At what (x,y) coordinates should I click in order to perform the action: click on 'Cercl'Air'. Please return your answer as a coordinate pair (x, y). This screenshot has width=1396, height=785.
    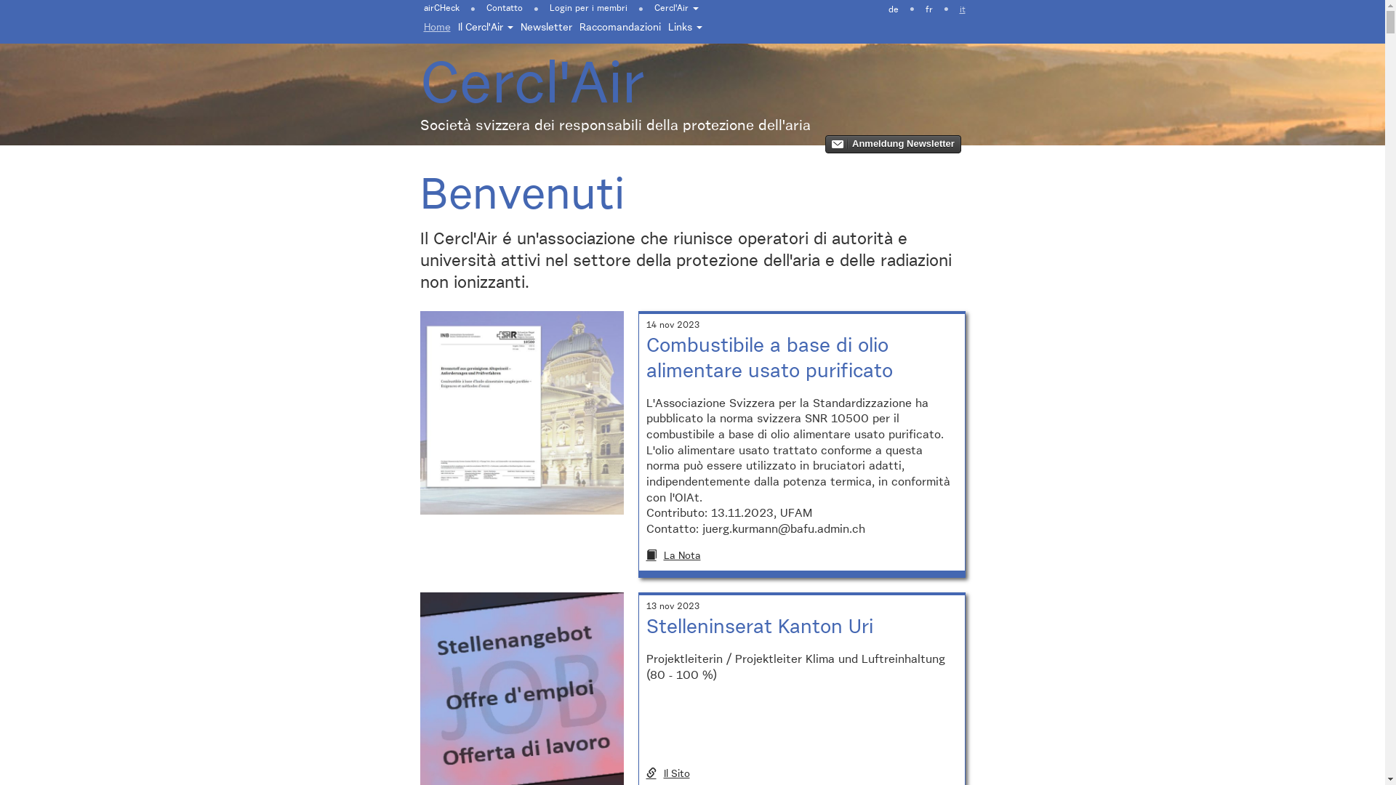
    Looking at the image, I should click on (641, 7).